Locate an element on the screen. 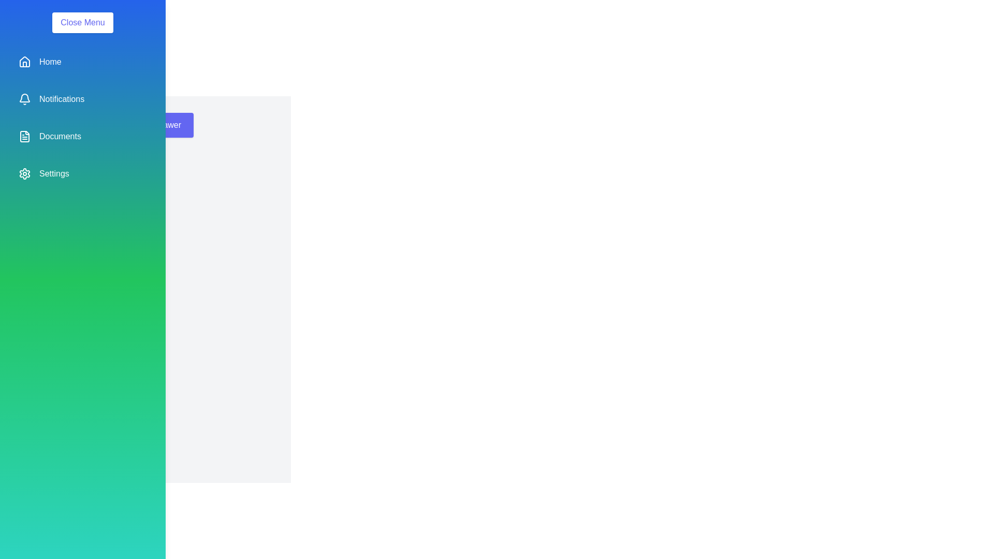 The width and height of the screenshot is (994, 559). the menu item Documents to observe the hover effect is located at coordinates (82, 136).